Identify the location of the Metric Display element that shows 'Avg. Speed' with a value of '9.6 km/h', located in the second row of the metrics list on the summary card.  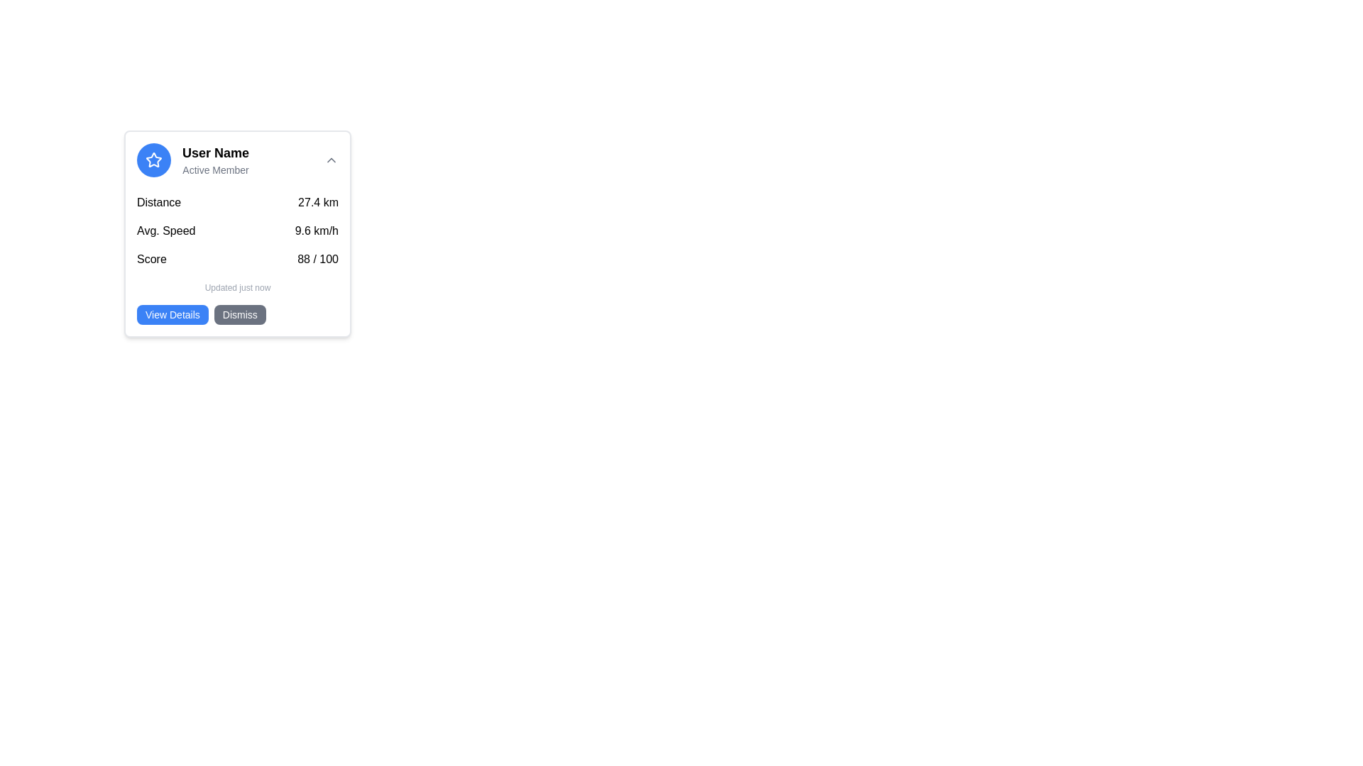
(238, 231).